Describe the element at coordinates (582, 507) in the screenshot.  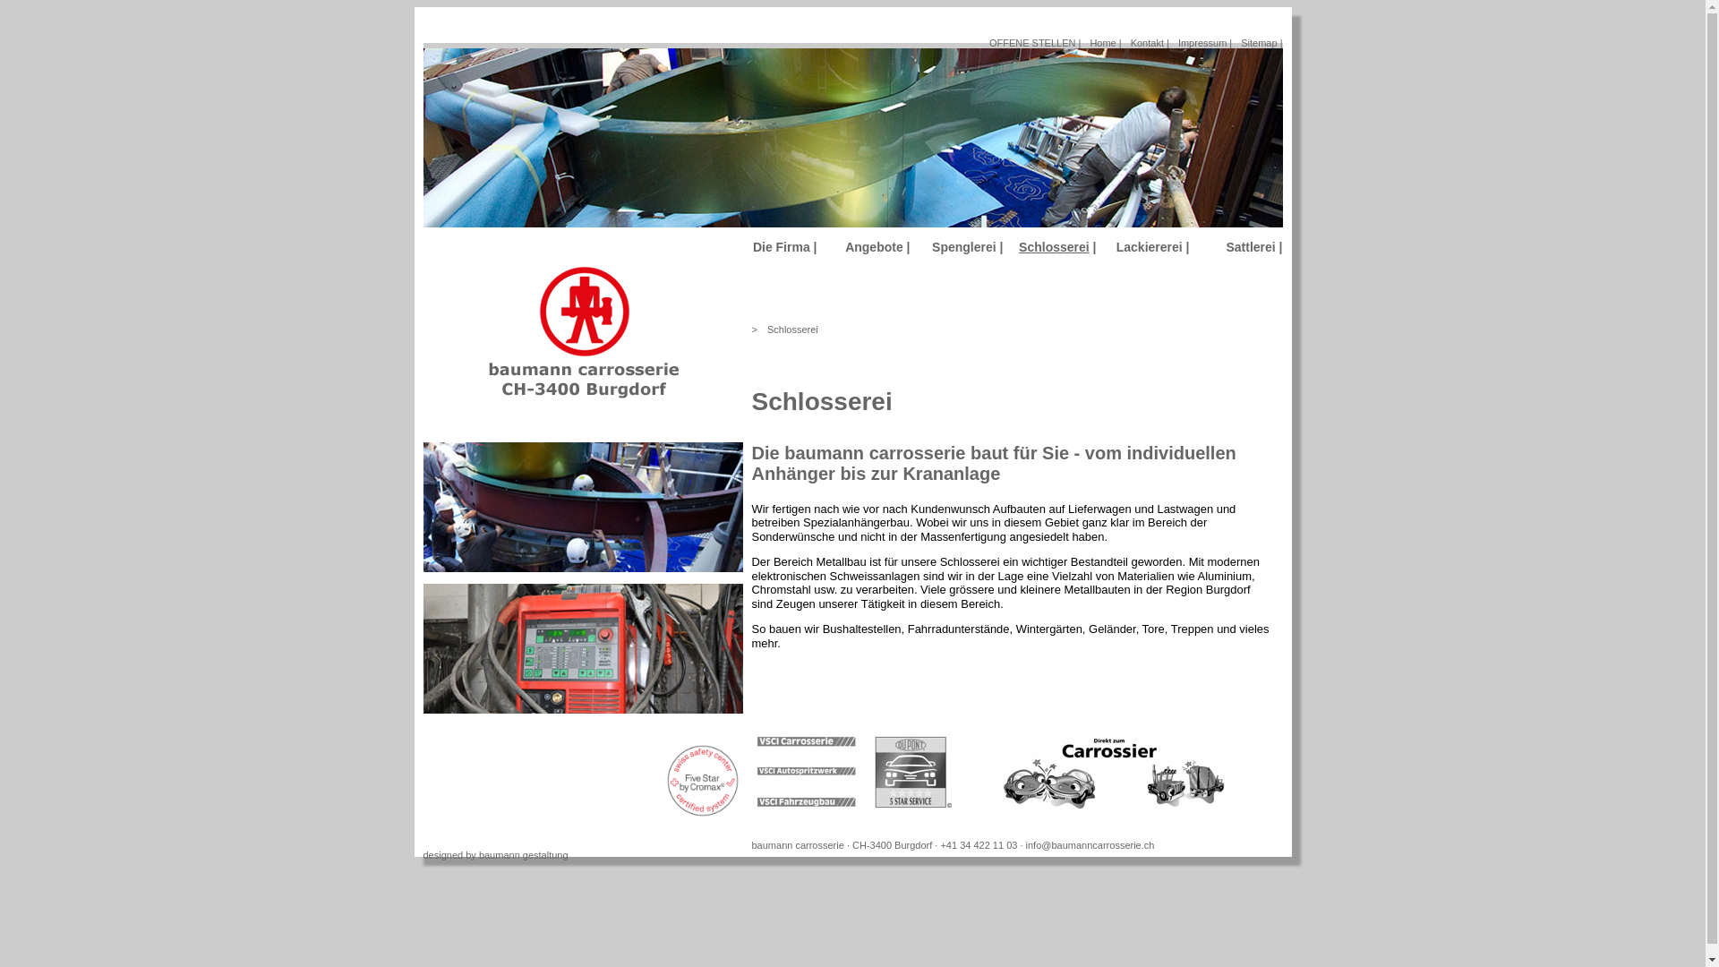
I see `'Rohbau Kunstwerk'` at that location.